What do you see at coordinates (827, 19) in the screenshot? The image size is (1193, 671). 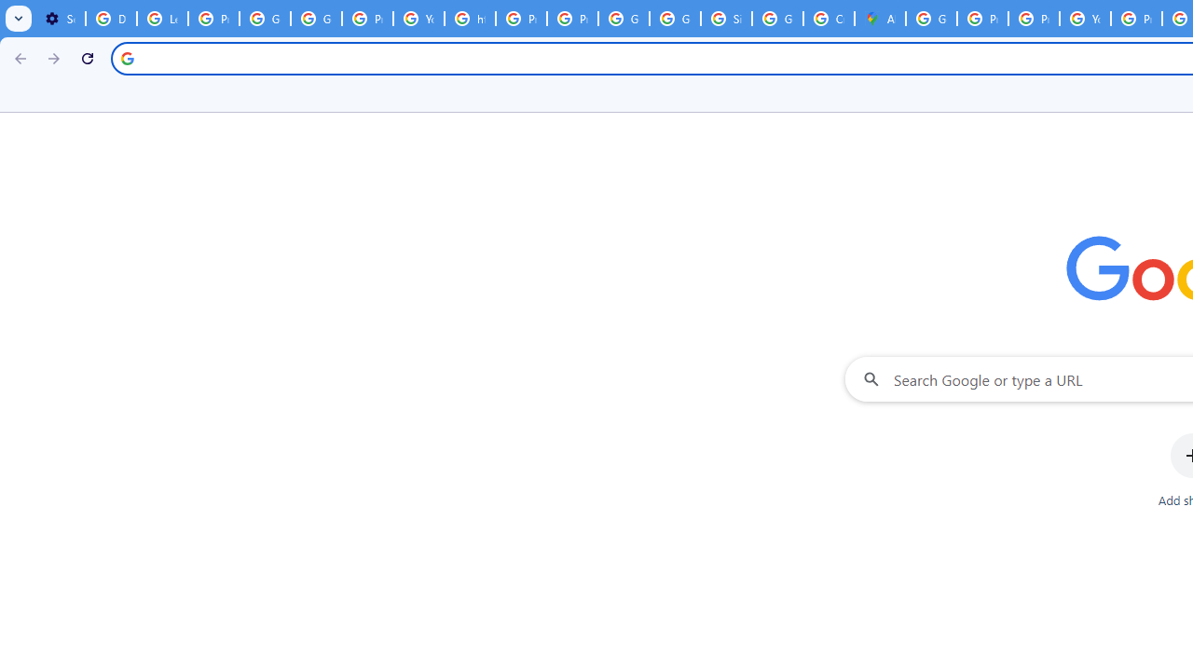 I see `'Create your Google Account'` at bounding box center [827, 19].